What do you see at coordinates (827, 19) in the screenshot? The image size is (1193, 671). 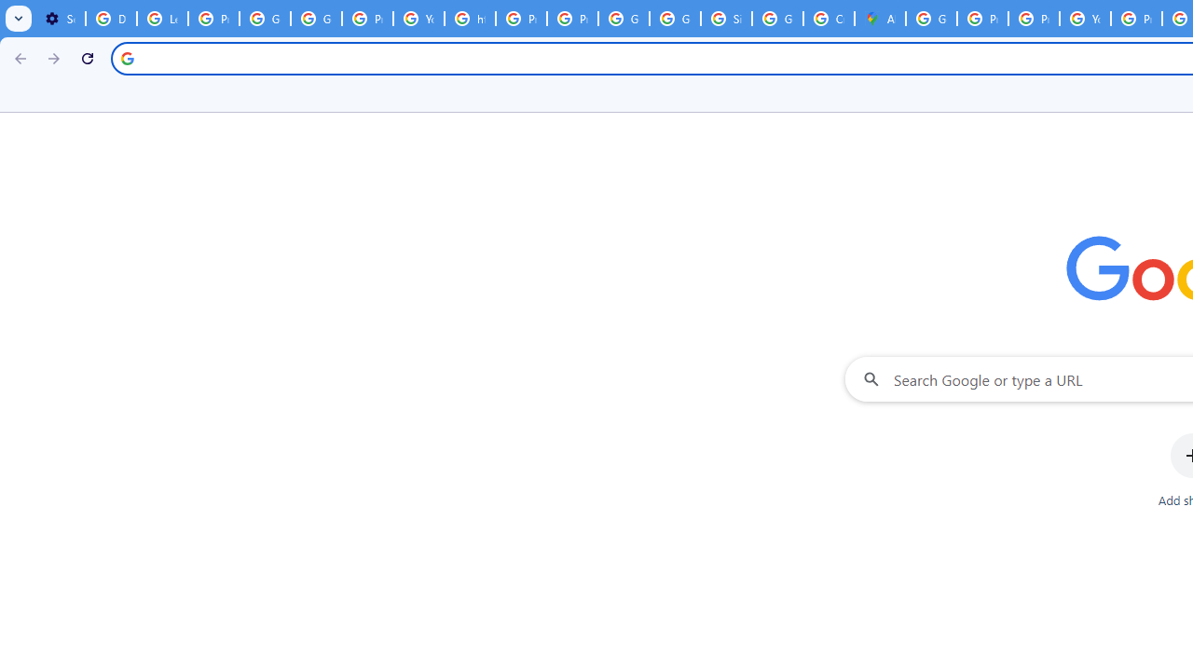 I see `'Create your Google Account'` at bounding box center [827, 19].